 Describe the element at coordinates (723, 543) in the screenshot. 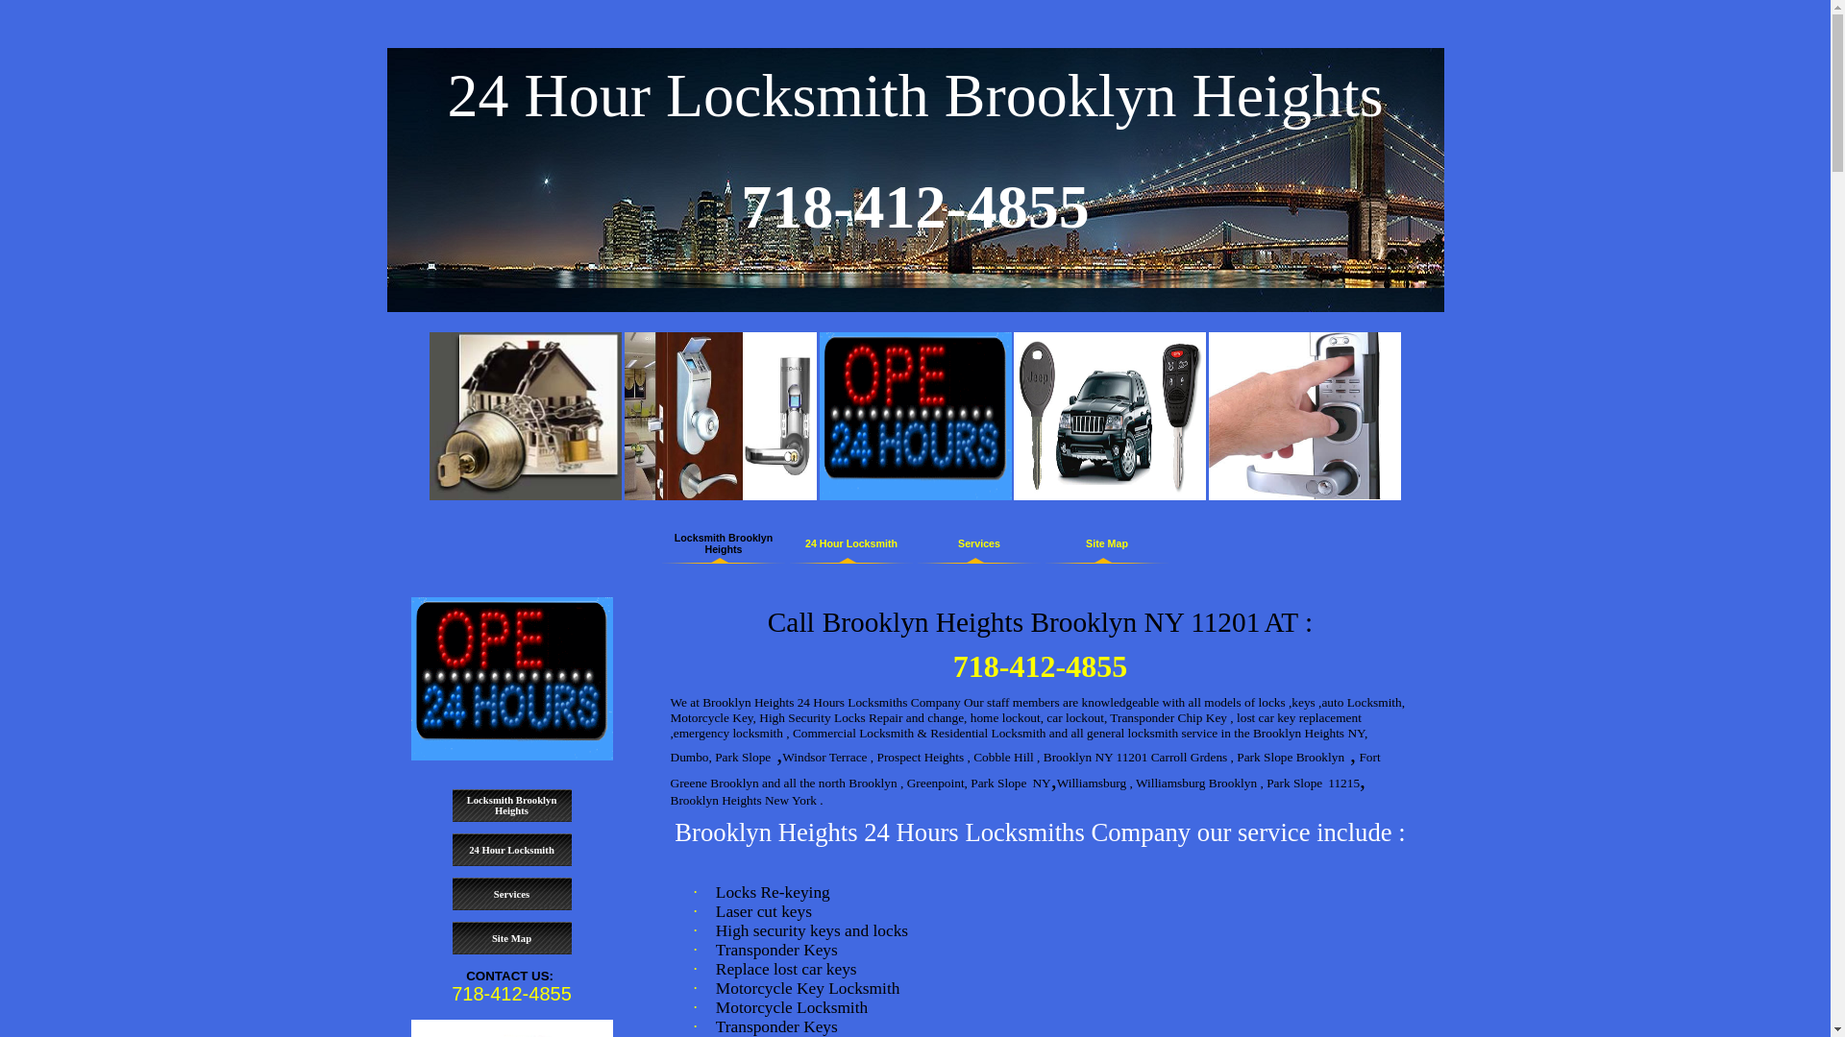

I see `'Locksmith Brooklyn Heights'` at that location.